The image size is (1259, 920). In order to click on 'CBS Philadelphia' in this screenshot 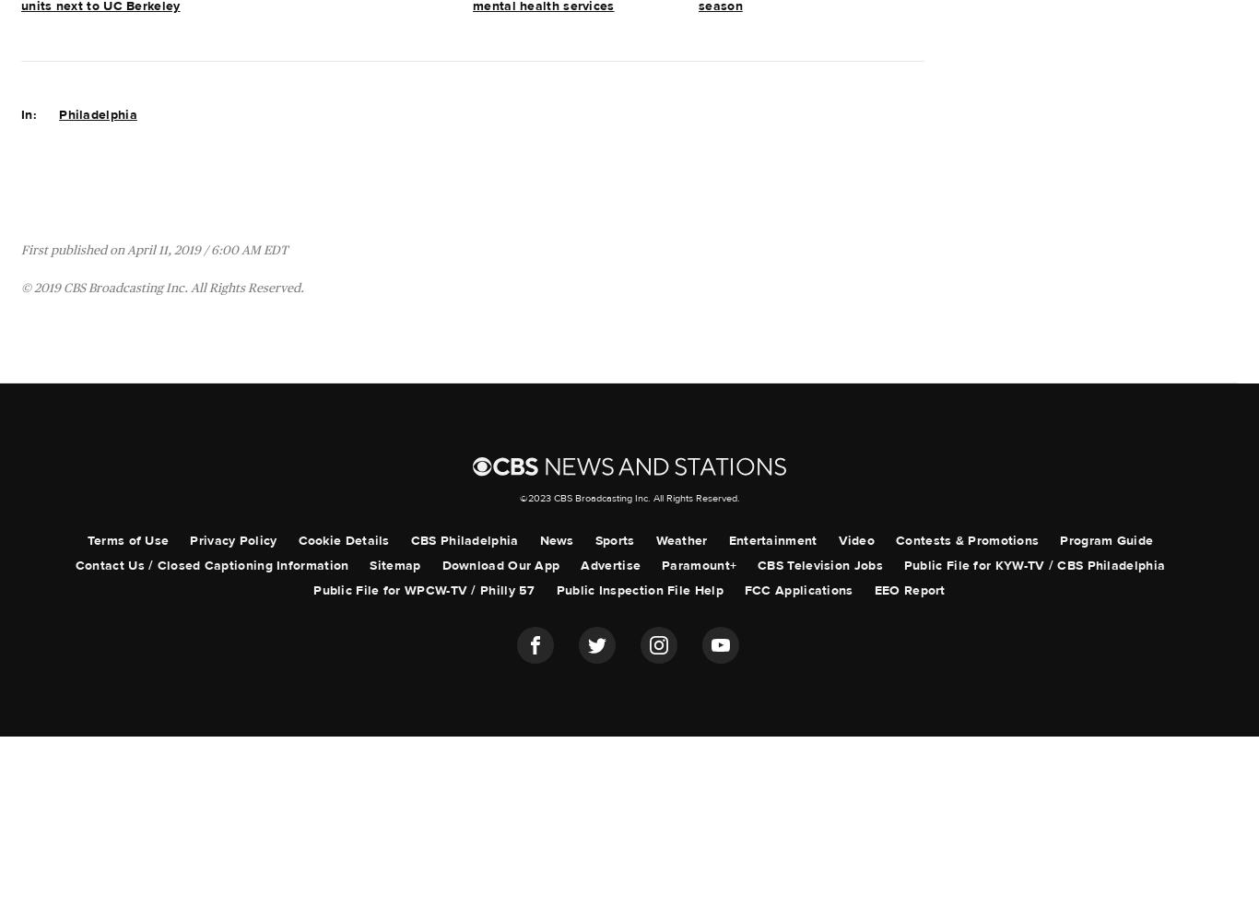, I will do `click(464, 539)`.